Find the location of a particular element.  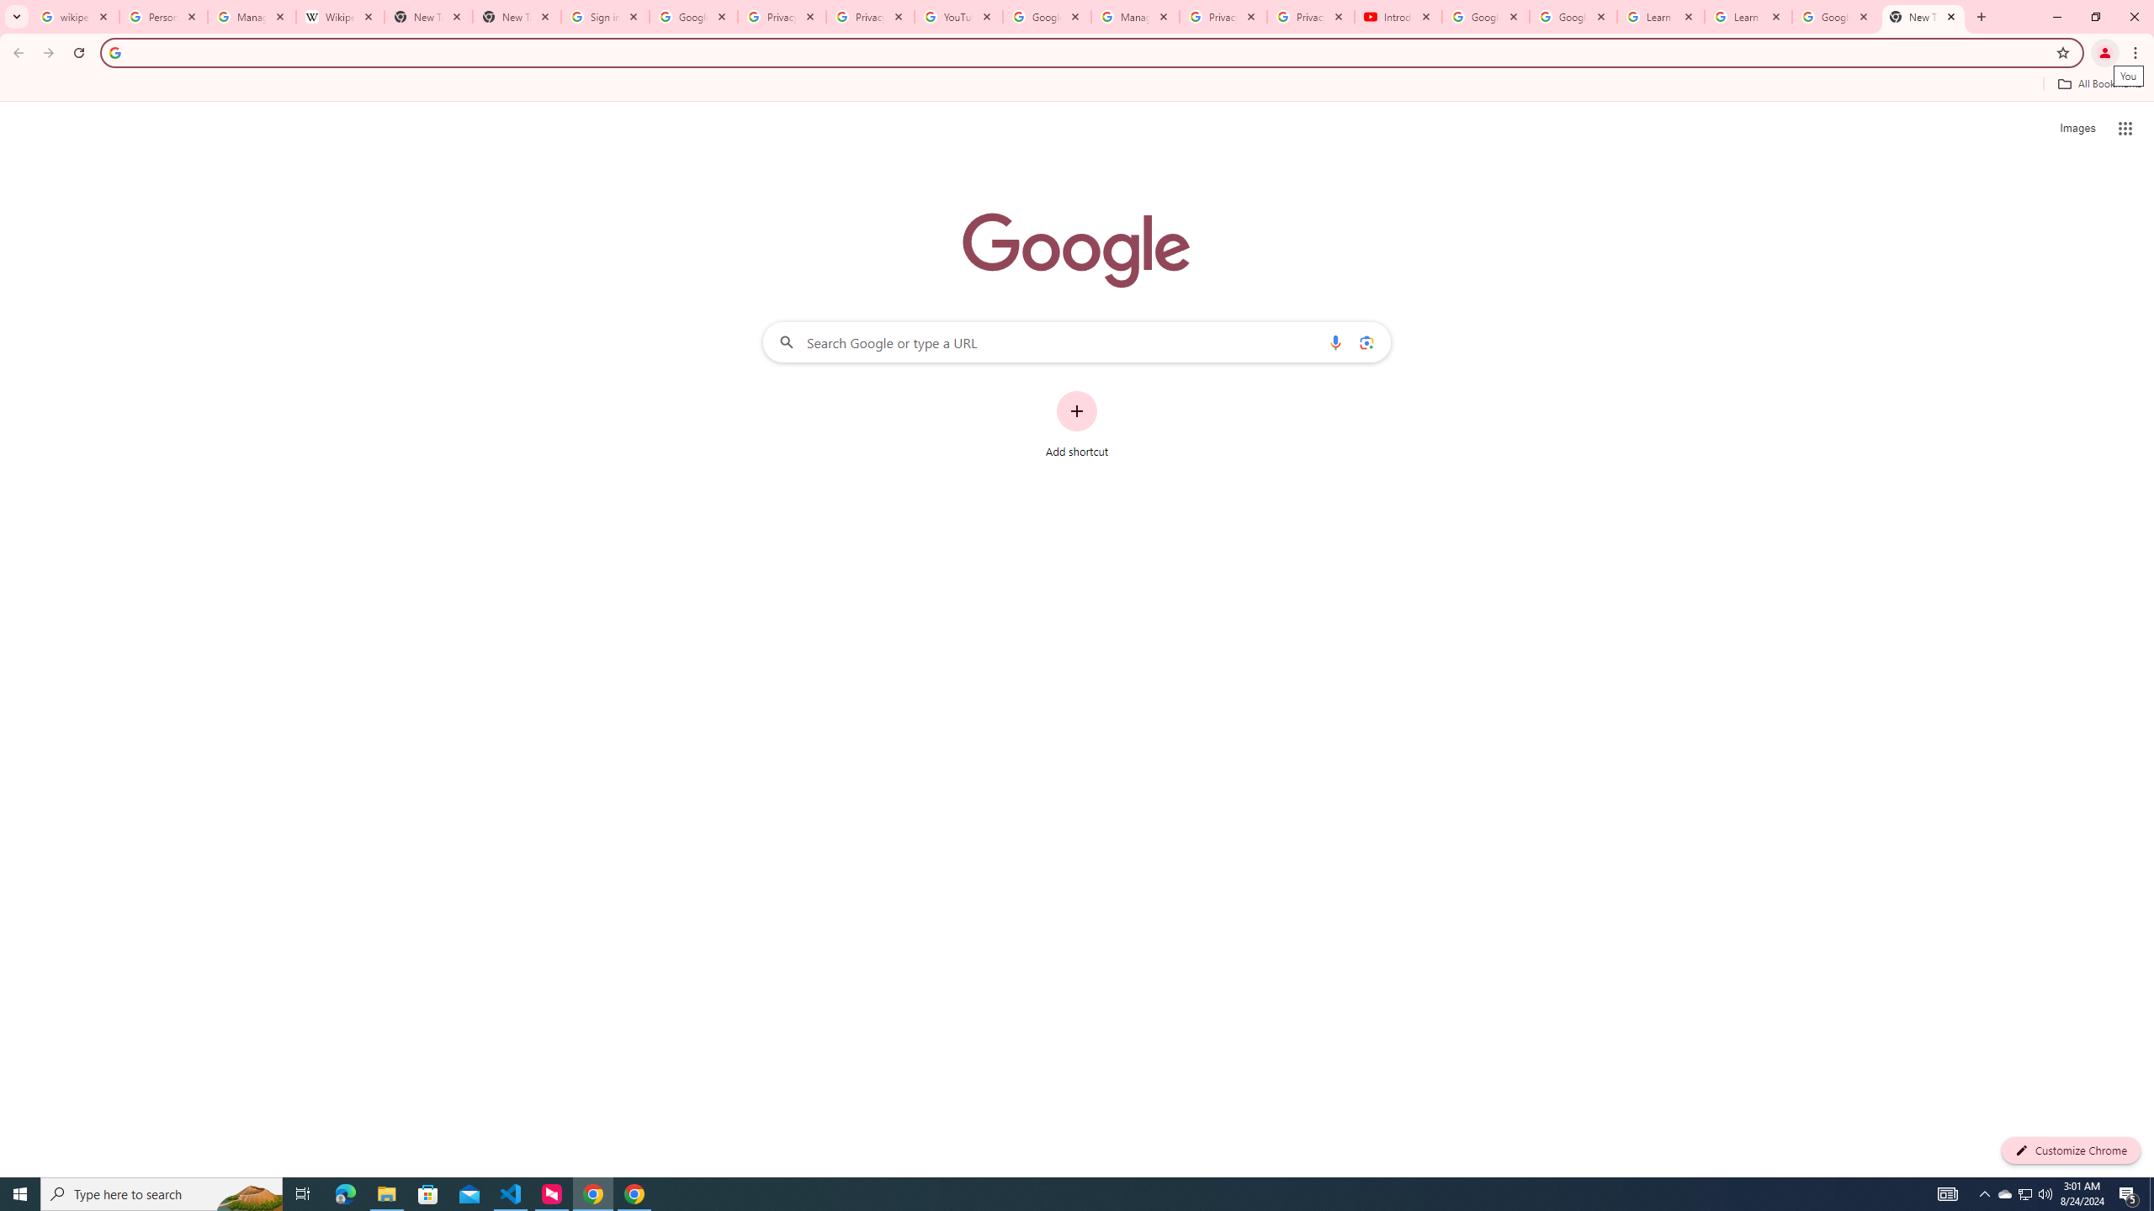

'Google Account' is located at coordinates (1835, 16).